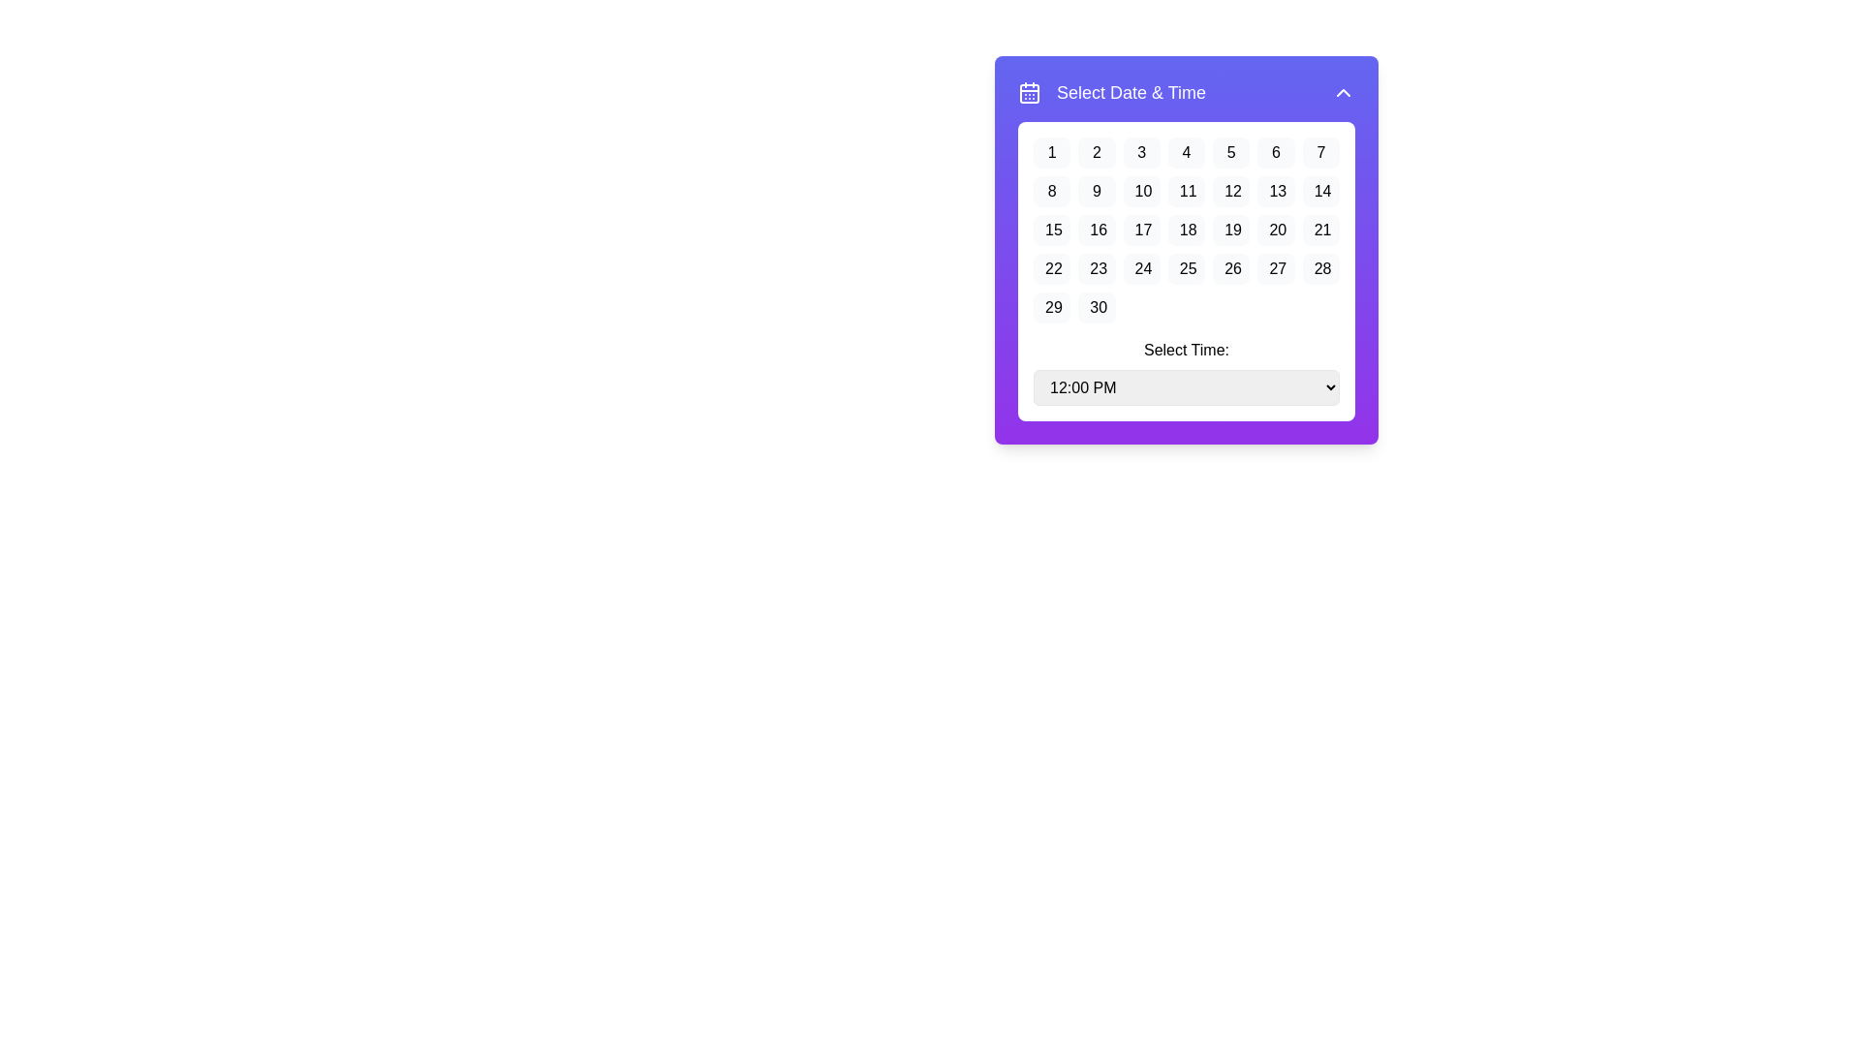 The width and height of the screenshot is (1860, 1046). I want to click on the calendar date button displaying '19', so click(1230, 230).